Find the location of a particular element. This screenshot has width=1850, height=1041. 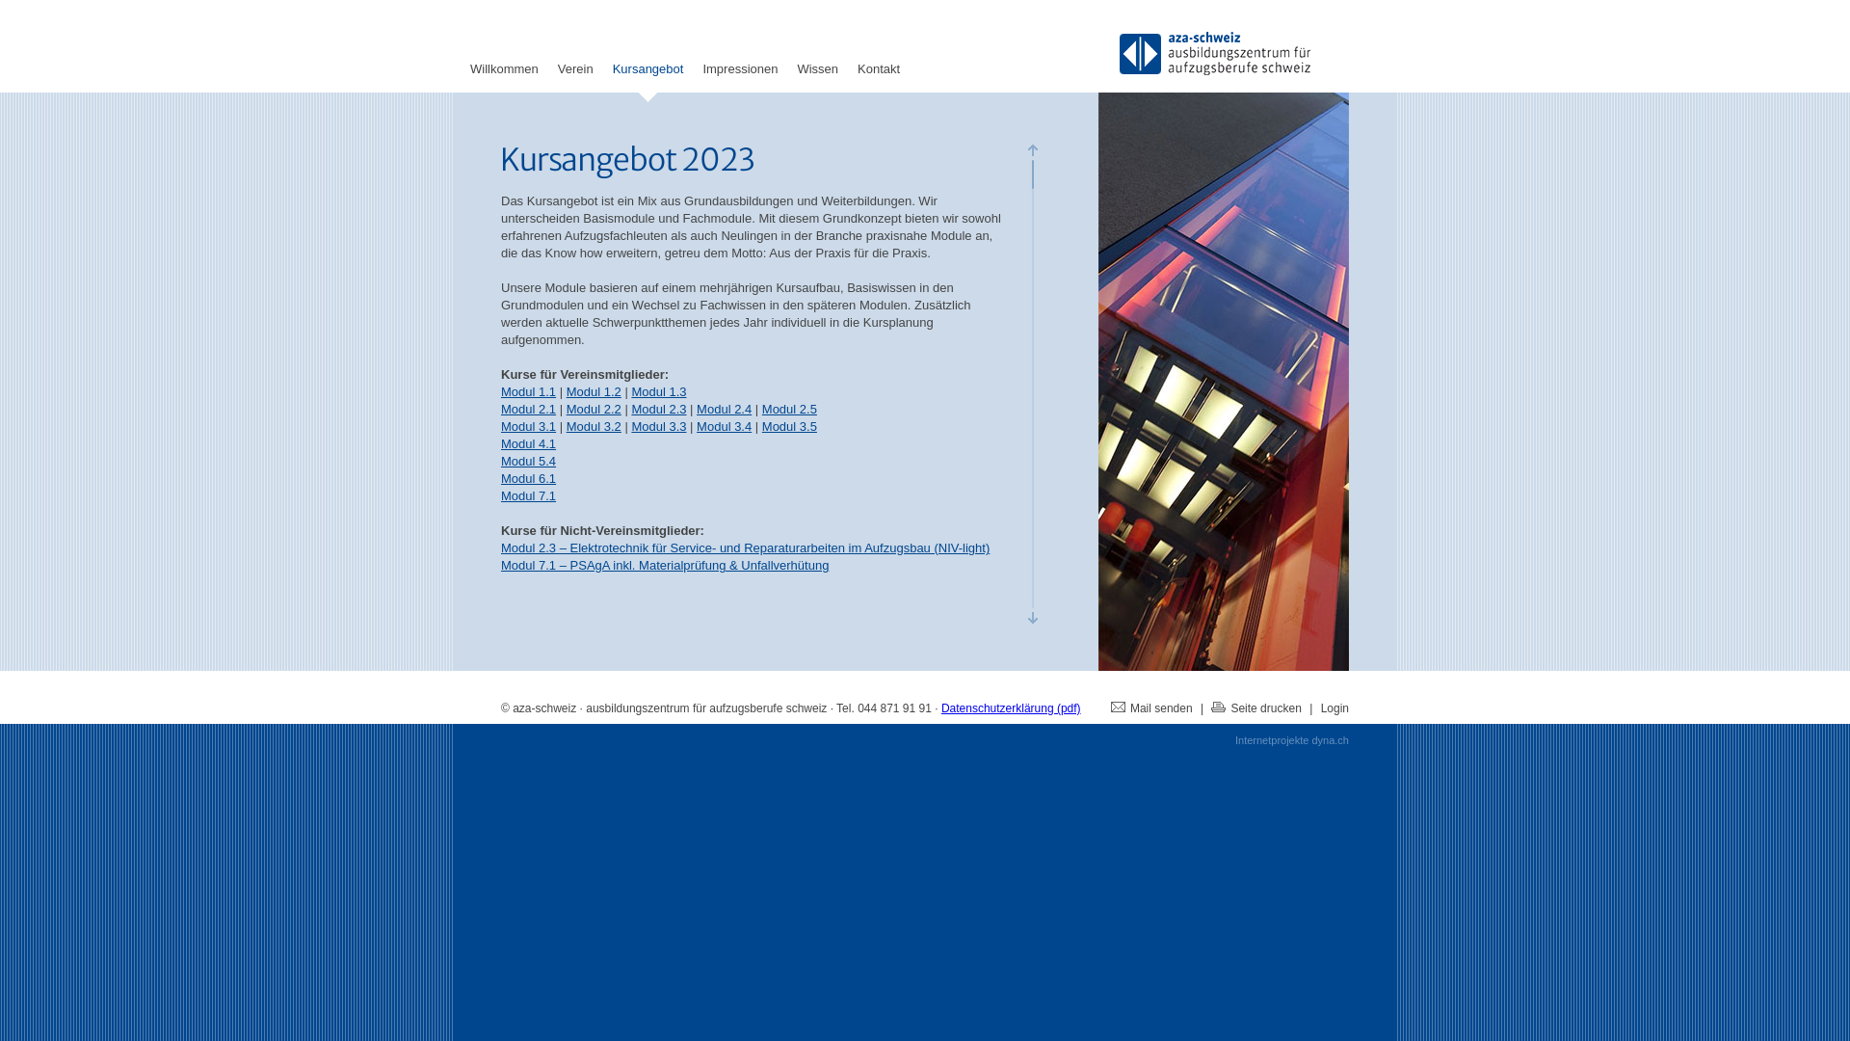

'Mail senden' is located at coordinates (1151, 708).